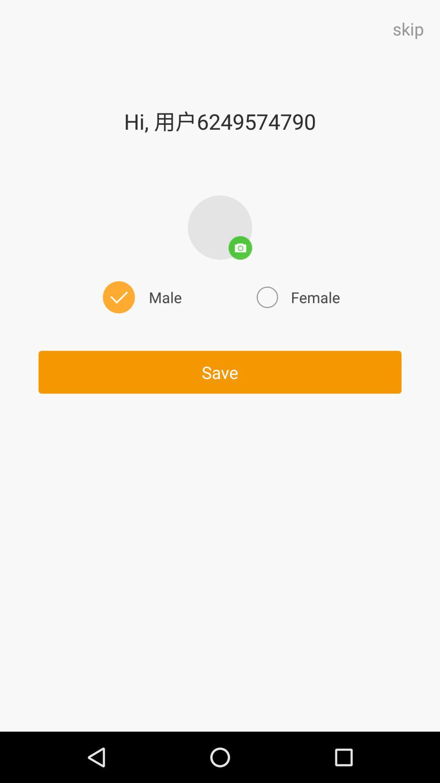  What do you see at coordinates (140, 297) in the screenshot?
I see `icon next to the female icon` at bounding box center [140, 297].